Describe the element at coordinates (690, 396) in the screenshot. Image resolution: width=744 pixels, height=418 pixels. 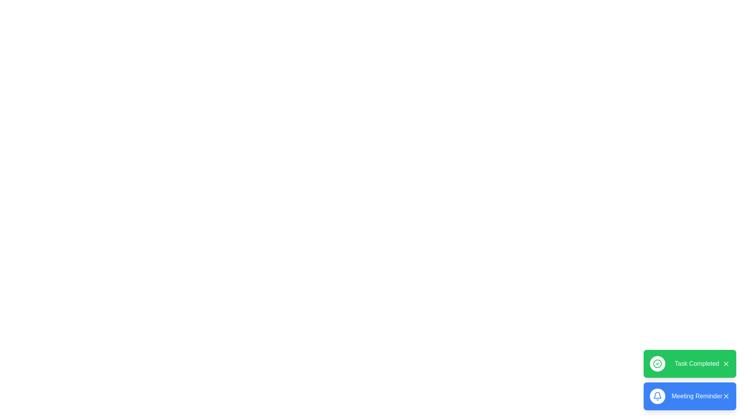
I see `the snackbar with the message 'Meeting Reminder'` at that location.